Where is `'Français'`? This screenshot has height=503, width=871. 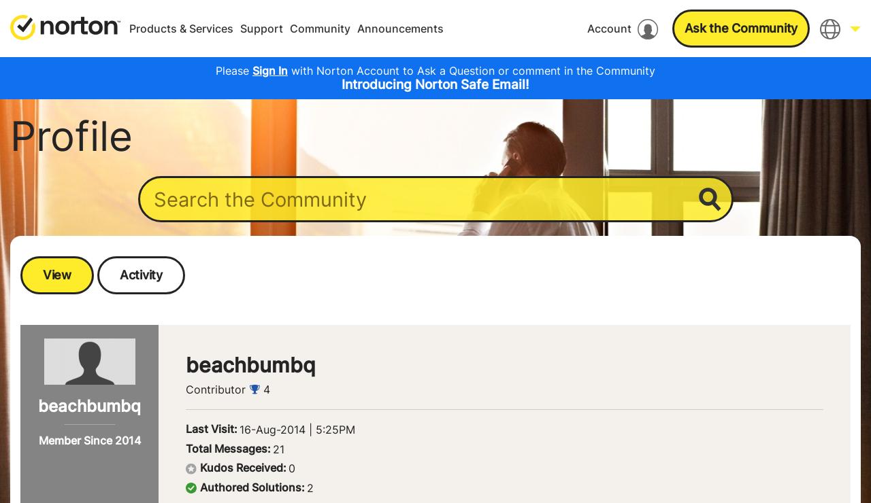 'Français' is located at coordinates (738, 113).